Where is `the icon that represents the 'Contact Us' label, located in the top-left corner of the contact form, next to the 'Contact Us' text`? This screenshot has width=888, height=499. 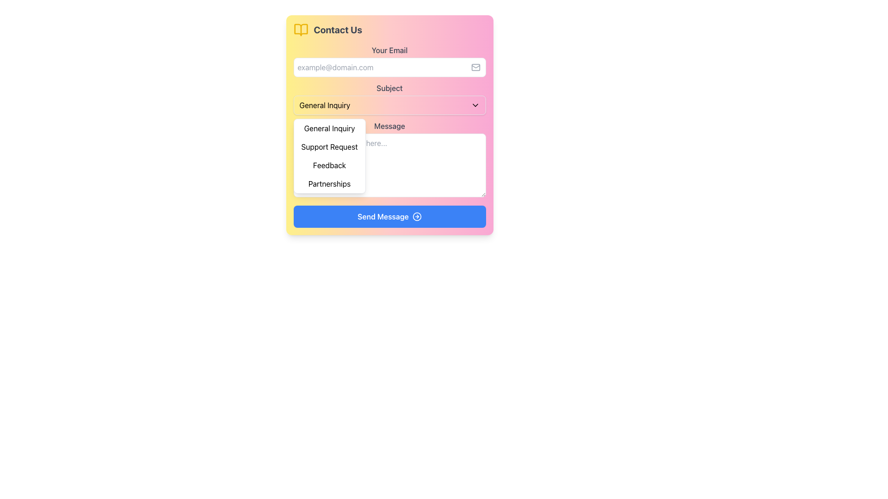 the icon that represents the 'Contact Us' label, located in the top-left corner of the contact form, next to the 'Contact Us' text is located at coordinates (301, 30).